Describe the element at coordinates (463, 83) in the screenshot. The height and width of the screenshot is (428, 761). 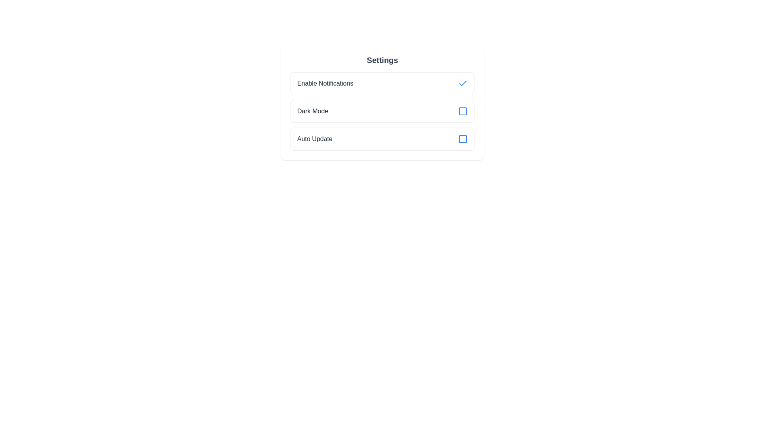
I see `the checkmark icon indicating that the 'Enable Notifications' option is enabled, located in the first row of the settings list` at that location.